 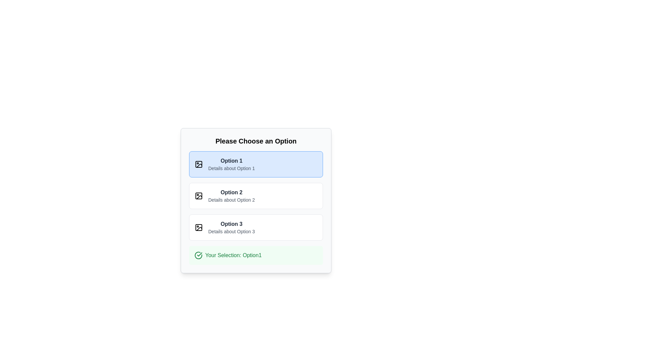 I want to click on the content of the text label displaying 'Option 1.' which is styled with a gray shade and located in the topmost blue-highlighted option block, so click(x=231, y=161).